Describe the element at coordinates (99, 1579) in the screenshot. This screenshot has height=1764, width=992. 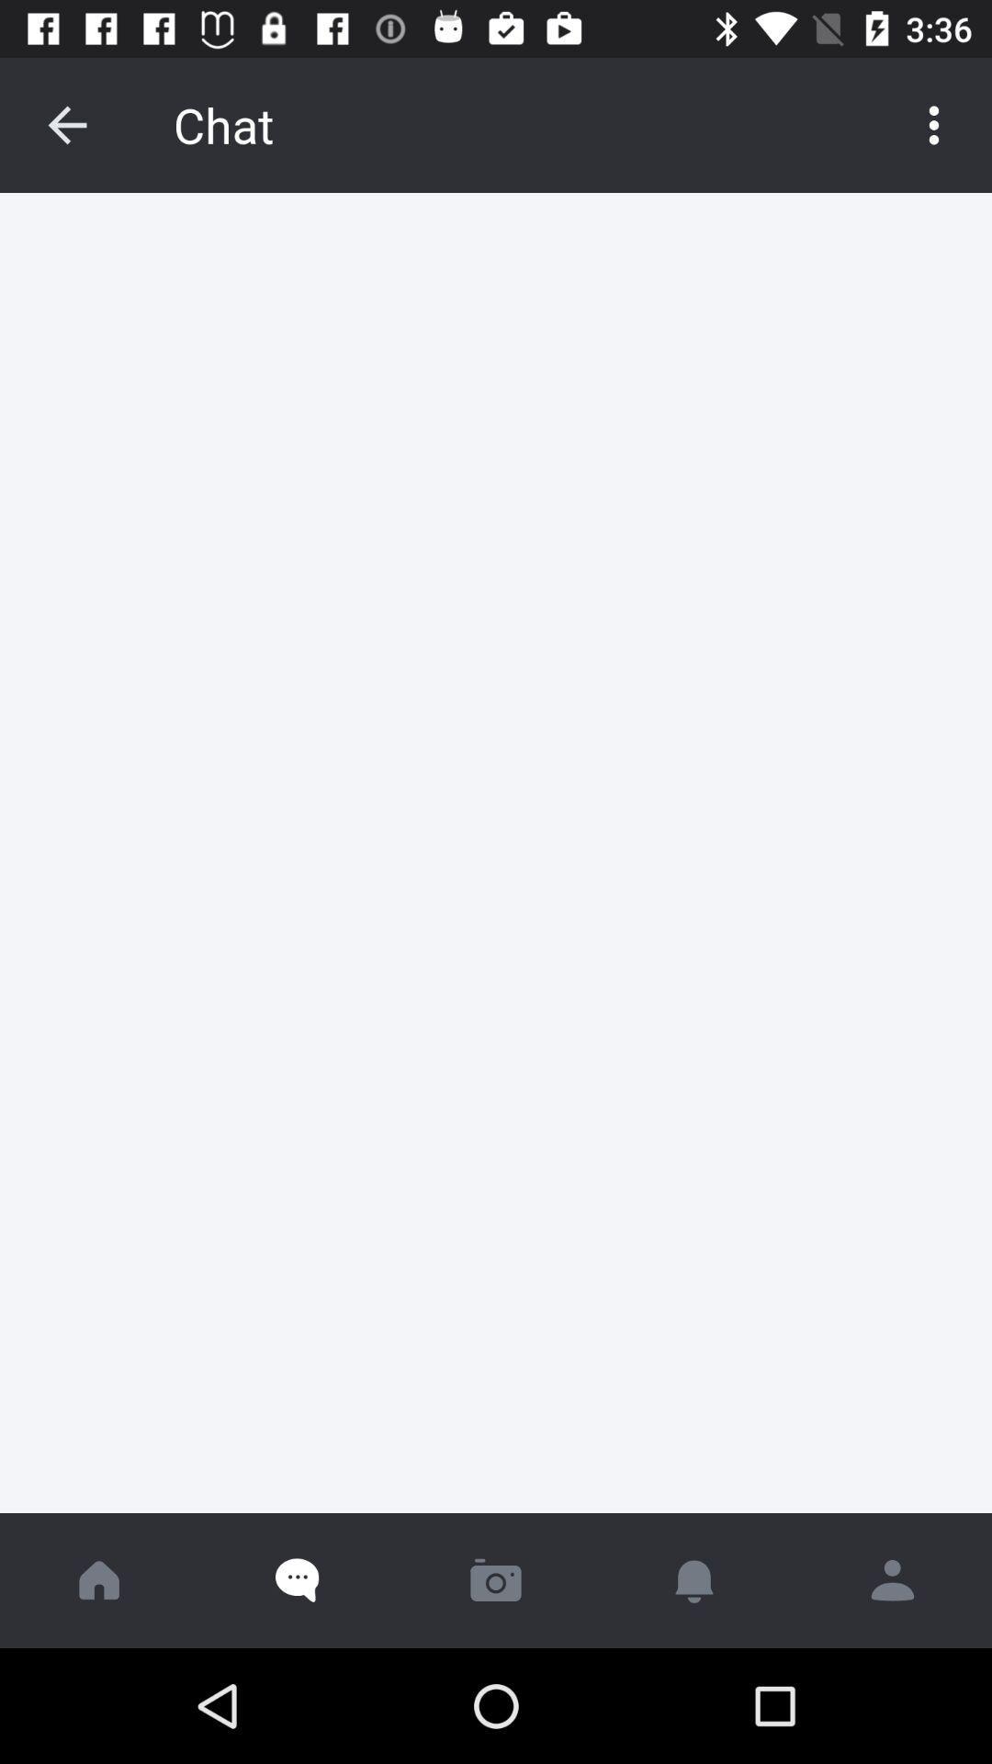
I see `the home icon` at that location.